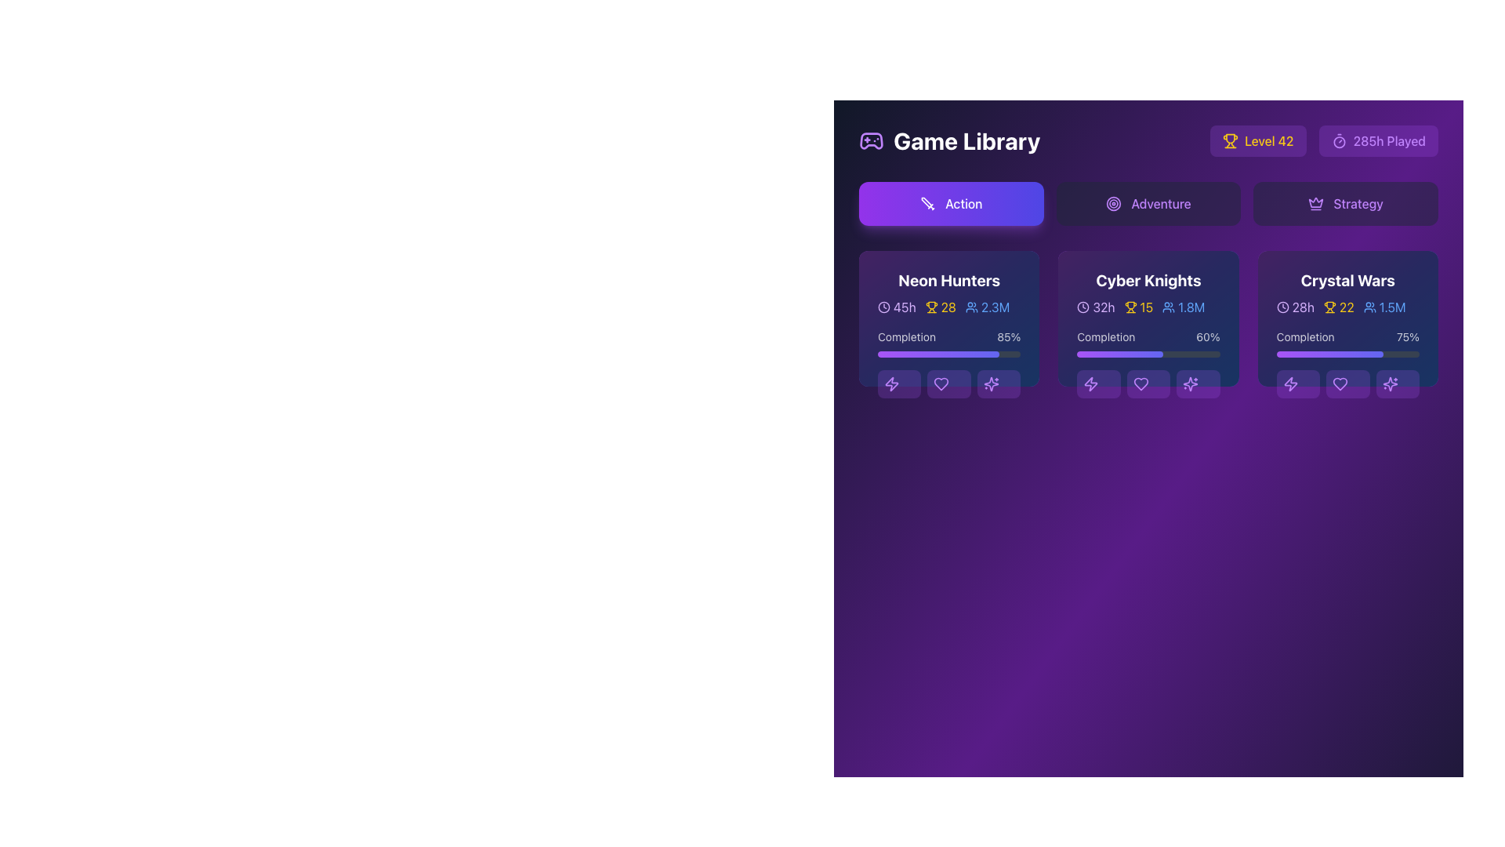  What do you see at coordinates (1146, 307) in the screenshot?
I see `the Text Label that displays the number of trophies or achievements for 'Cyber Knights', located under the trophy icon, between gameplay duration data and participant count` at bounding box center [1146, 307].